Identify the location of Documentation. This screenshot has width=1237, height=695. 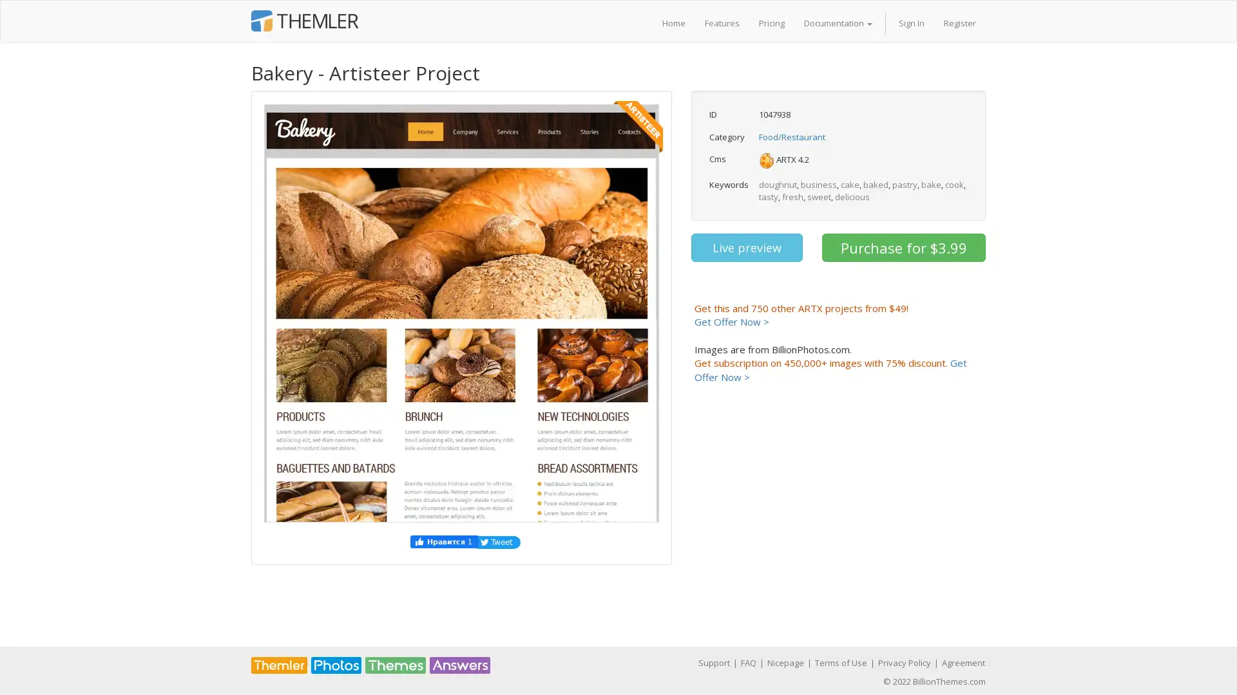
(838, 23).